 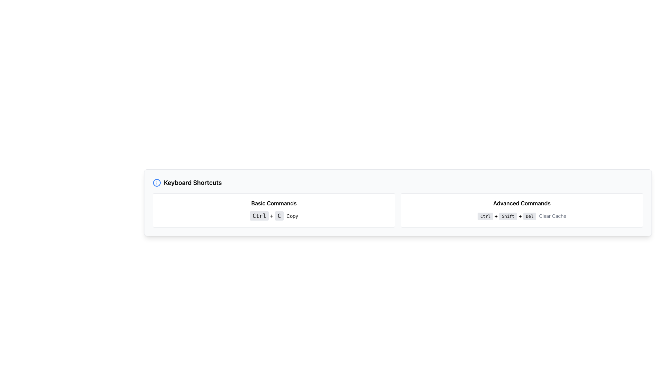 I want to click on the 'Ctrl' button-like label with a light gray background located in the 'Basic Commands' section of the interface, so click(x=259, y=215).